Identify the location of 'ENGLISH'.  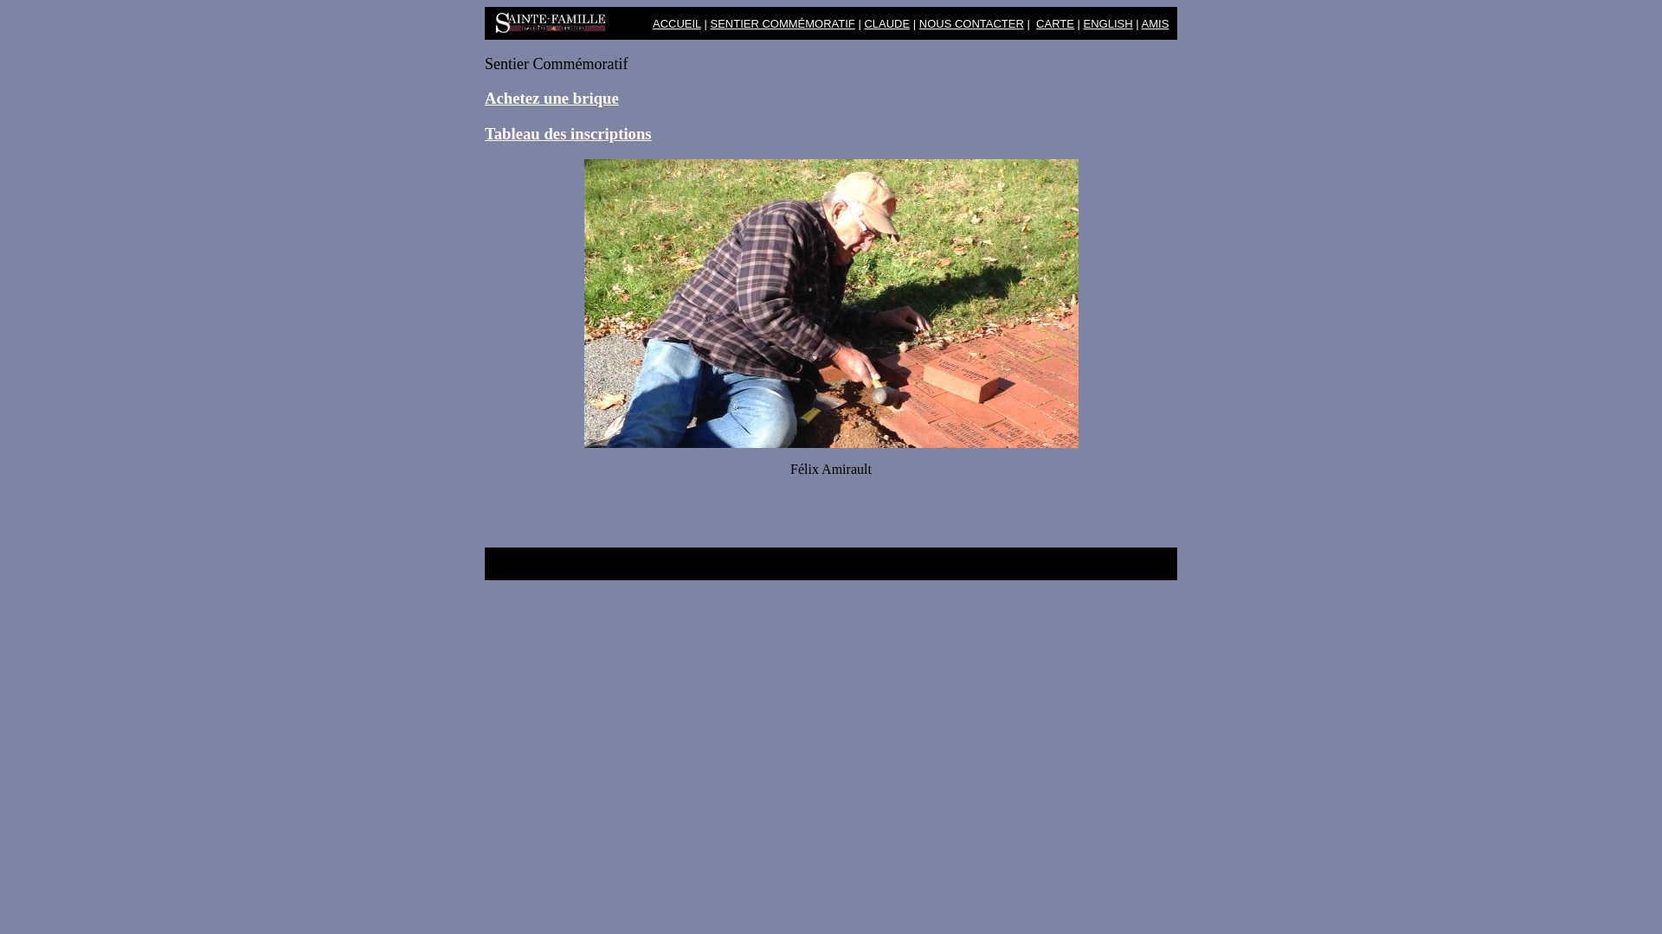
(1108, 23).